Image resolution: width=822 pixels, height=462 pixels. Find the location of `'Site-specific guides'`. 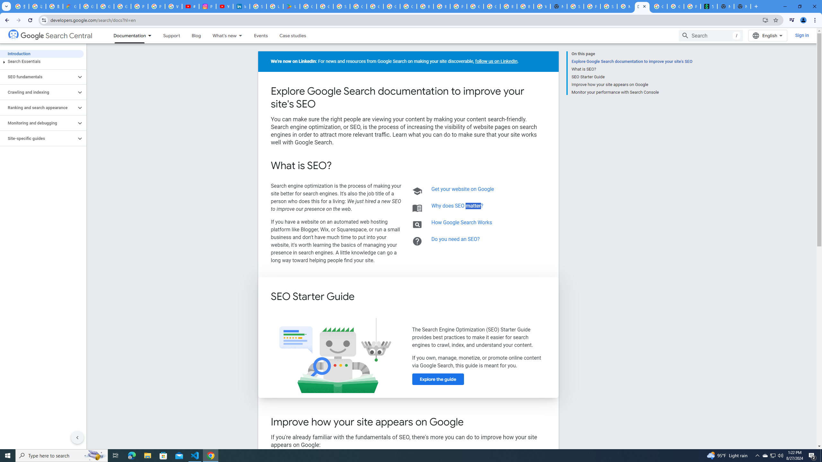

'Site-specific guides' is located at coordinates (38, 139).